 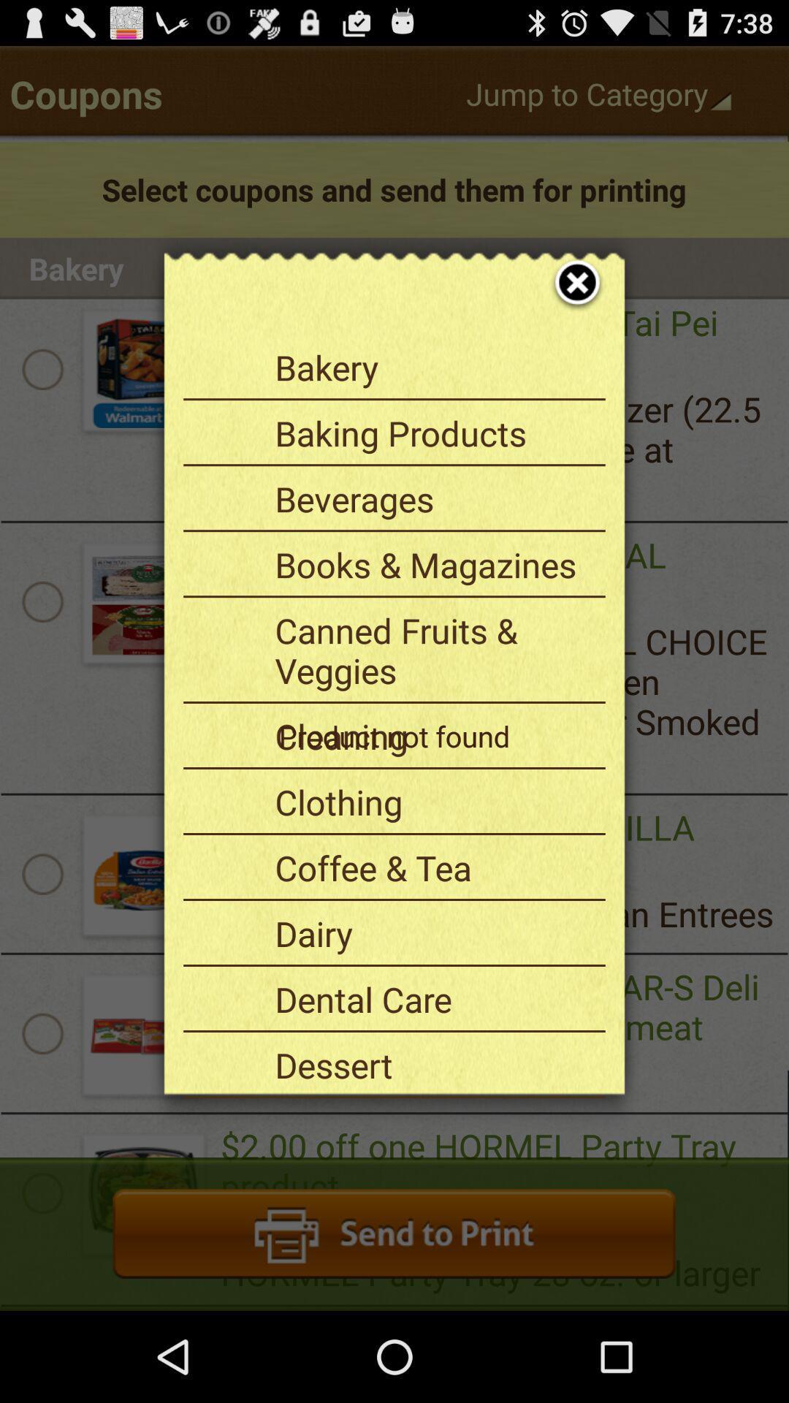 What do you see at coordinates (434, 932) in the screenshot?
I see `the item above dental care app` at bounding box center [434, 932].